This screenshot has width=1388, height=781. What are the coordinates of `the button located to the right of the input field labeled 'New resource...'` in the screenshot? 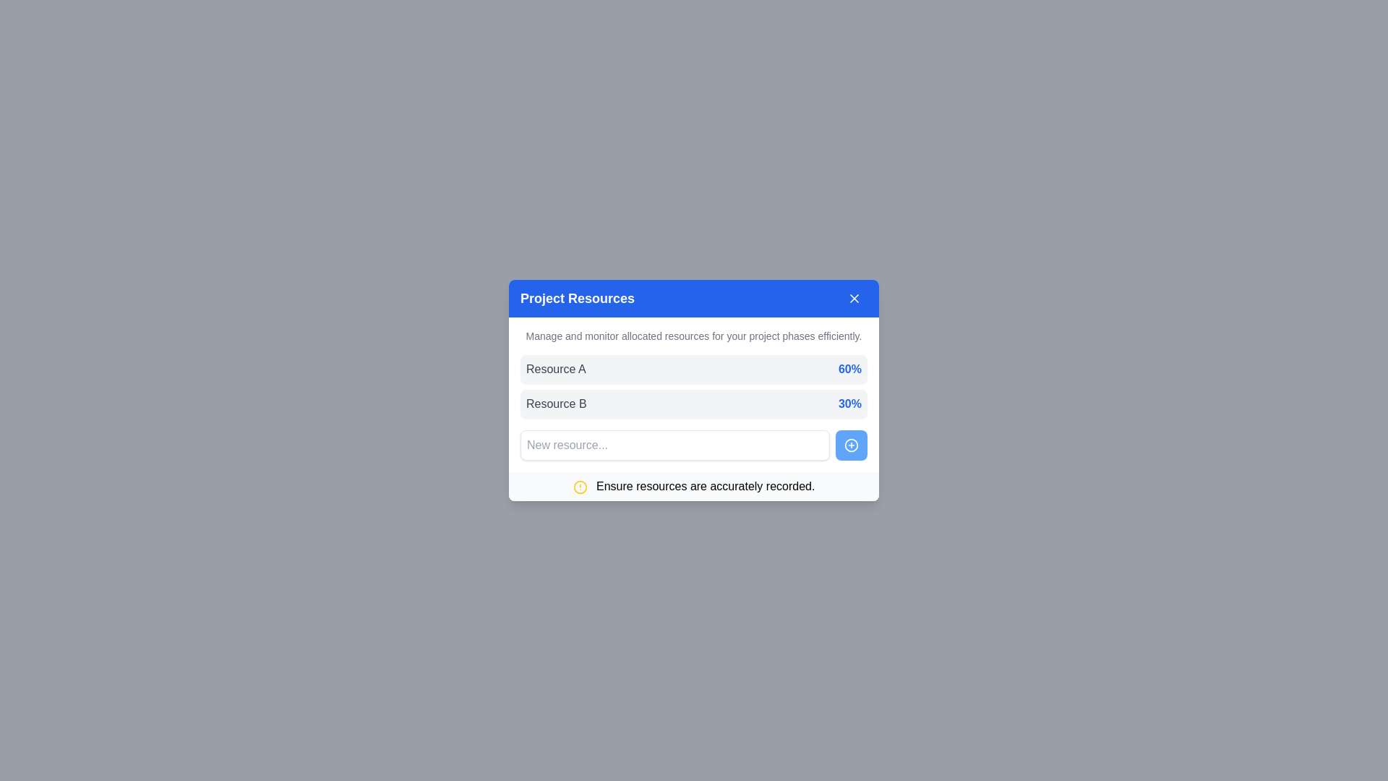 It's located at (851, 445).